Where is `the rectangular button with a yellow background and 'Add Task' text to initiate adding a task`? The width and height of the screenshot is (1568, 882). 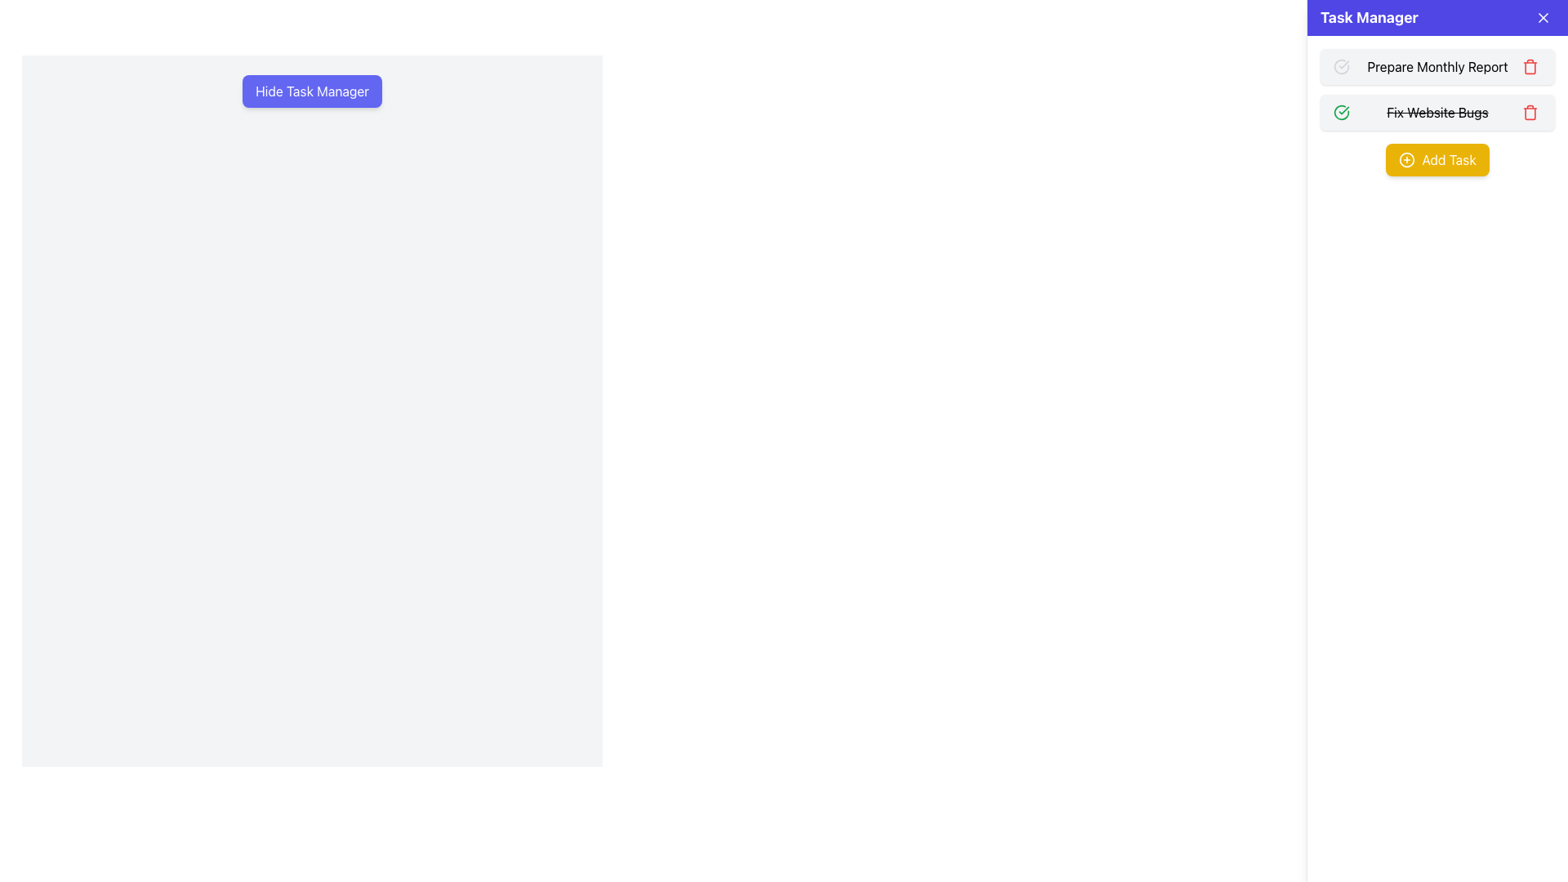
the rectangular button with a yellow background and 'Add Task' text to initiate adding a task is located at coordinates (1437, 160).